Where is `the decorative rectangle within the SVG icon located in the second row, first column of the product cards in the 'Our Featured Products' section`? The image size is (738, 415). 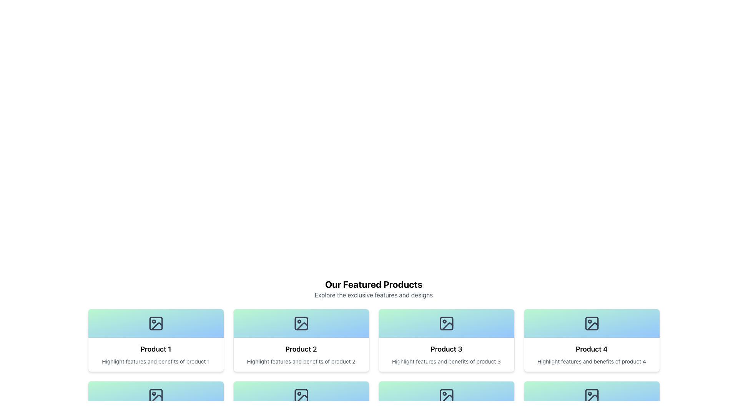 the decorative rectangle within the SVG icon located in the second row, first column of the product cards in the 'Our Featured Products' section is located at coordinates (301, 395).